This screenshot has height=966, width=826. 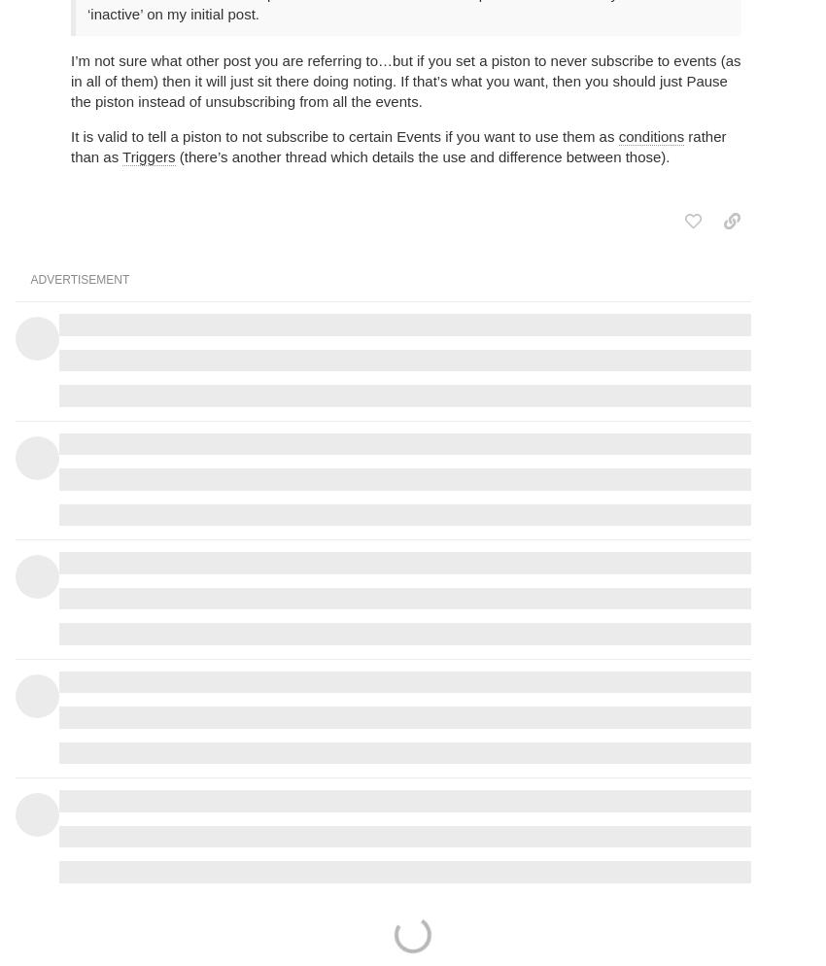 What do you see at coordinates (716, 239) in the screenshot?
I see `'Mar '18'` at bounding box center [716, 239].